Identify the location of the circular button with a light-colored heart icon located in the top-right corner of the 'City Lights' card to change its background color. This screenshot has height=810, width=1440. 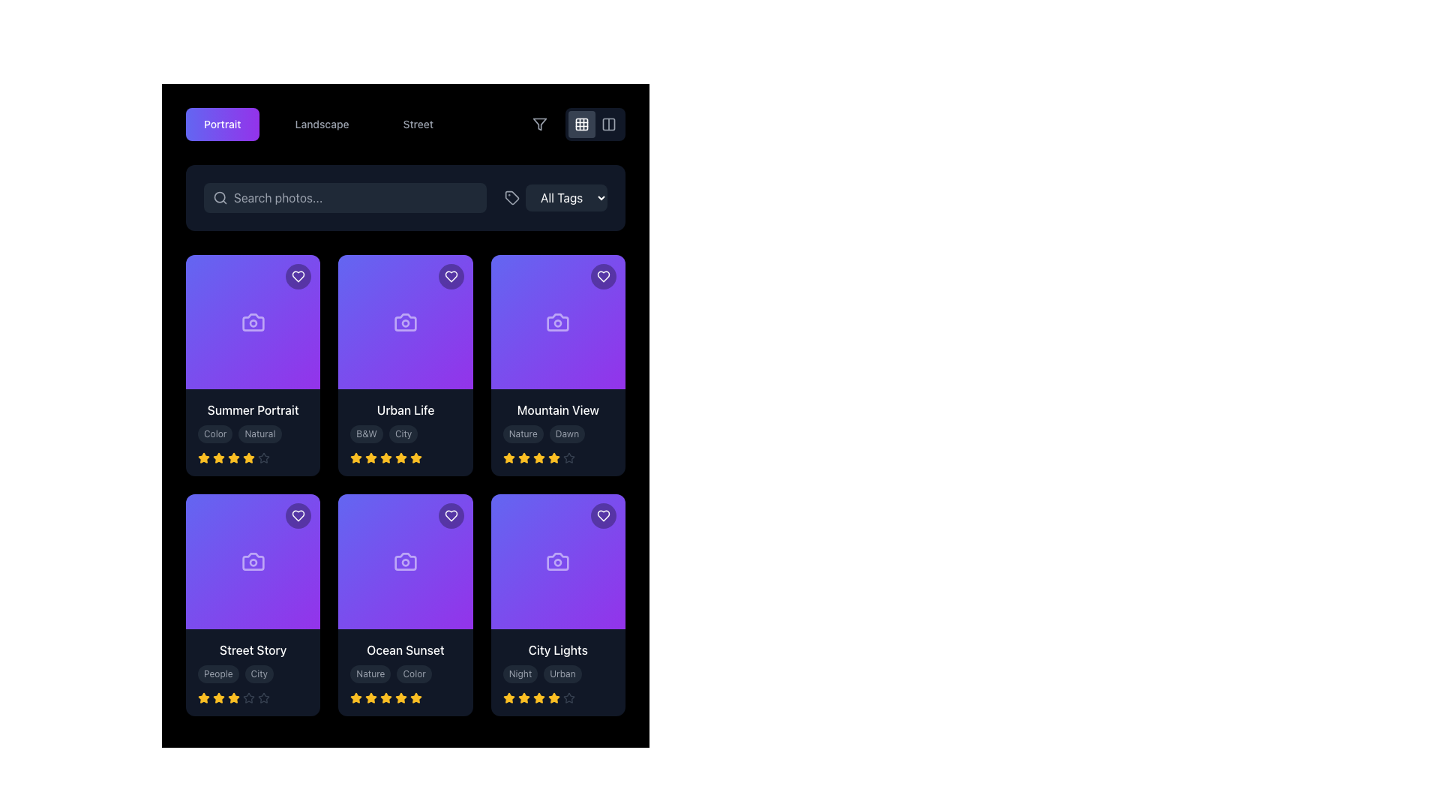
(604, 515).